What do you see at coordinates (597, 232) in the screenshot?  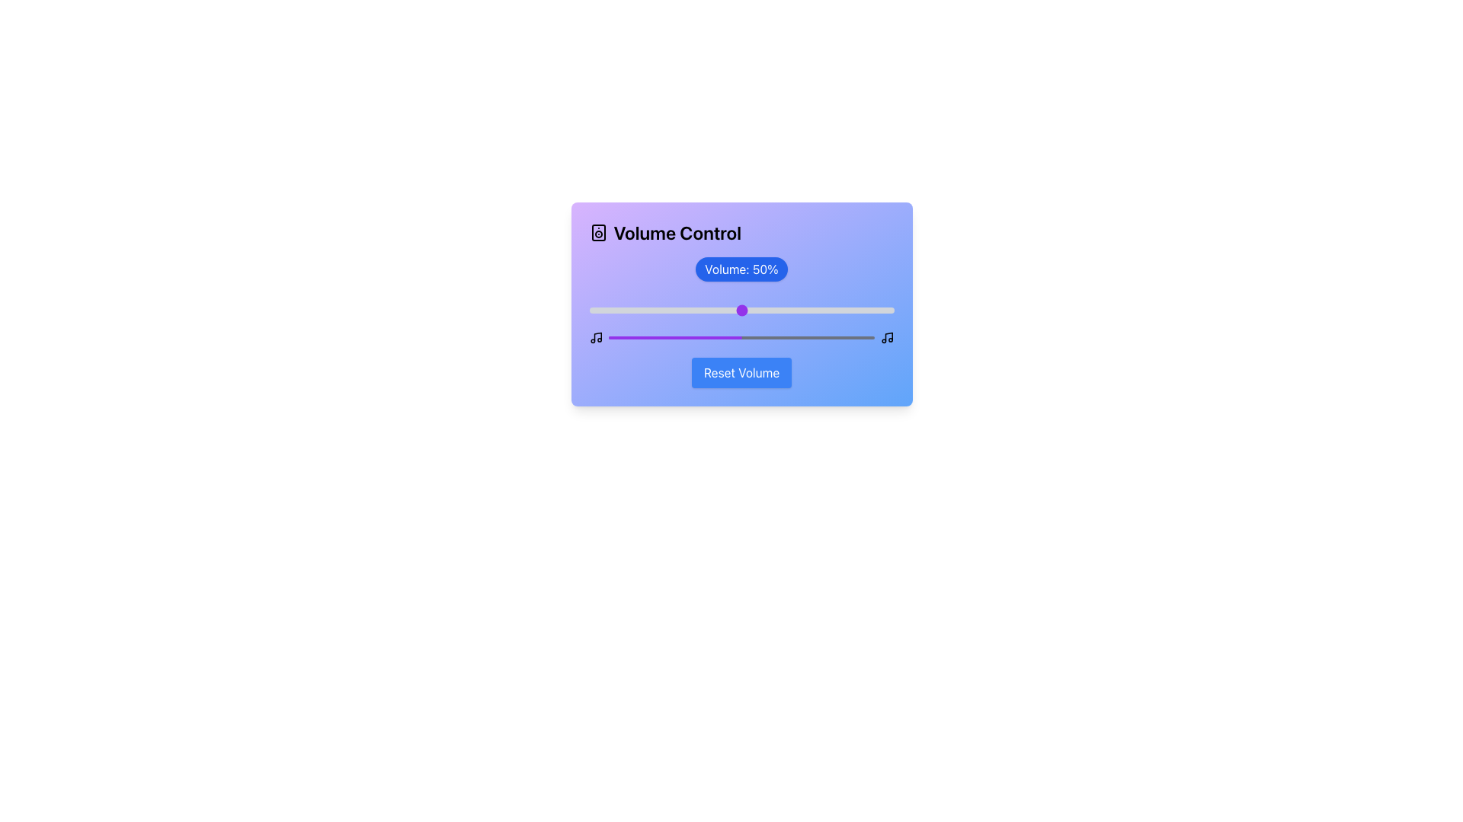 I see `the speaker icon located to the left of the 'Volume Control' text in the title section at the top-left corner of the main card interface` at bounding box center [597, 232].